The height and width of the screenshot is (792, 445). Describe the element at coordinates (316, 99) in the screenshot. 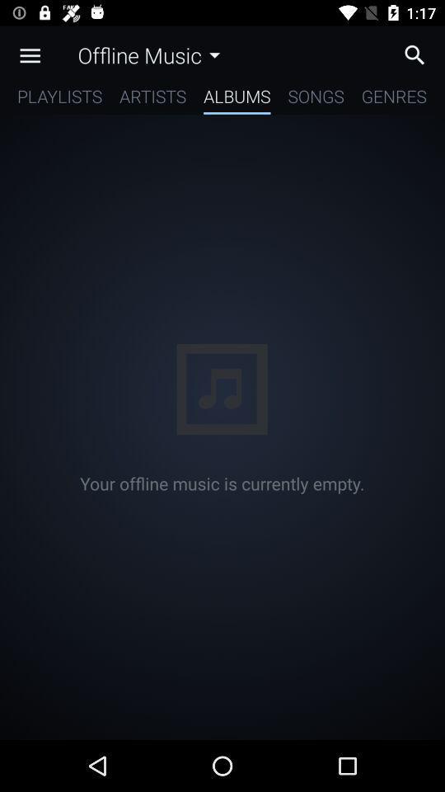

I see `app next to the albums app` at that location.